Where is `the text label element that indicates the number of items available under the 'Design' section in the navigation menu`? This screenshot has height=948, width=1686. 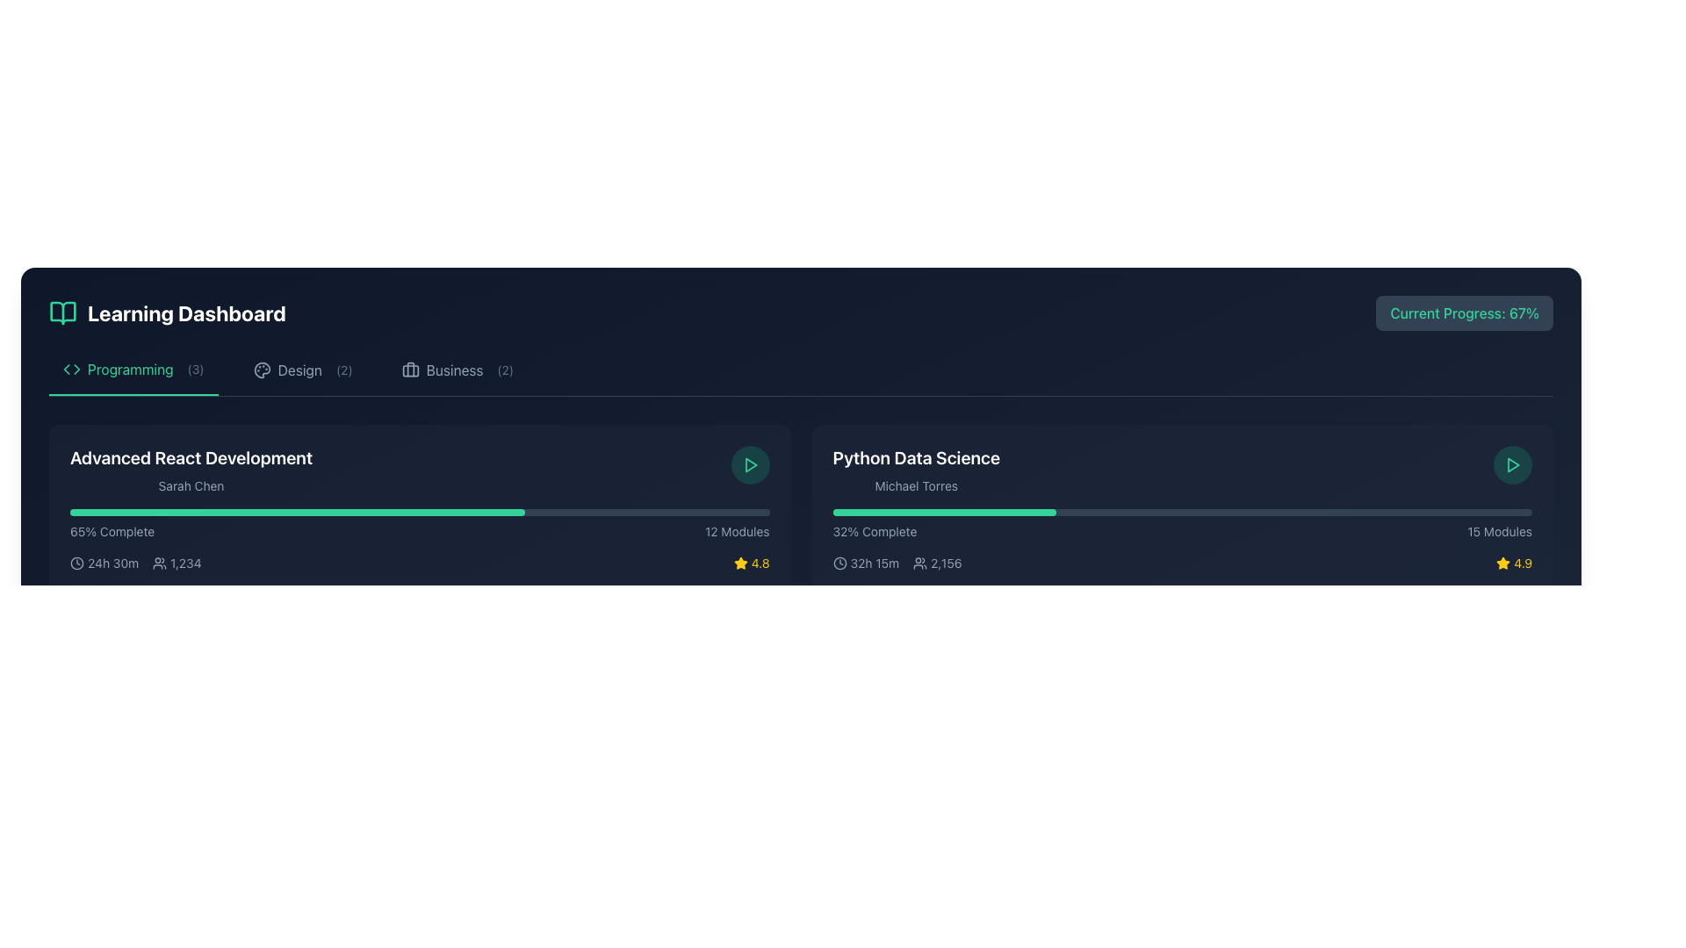
the text label element that indicates the number of items available under the 'Design' section in the navigation menu is located at coordinates (344, 369).